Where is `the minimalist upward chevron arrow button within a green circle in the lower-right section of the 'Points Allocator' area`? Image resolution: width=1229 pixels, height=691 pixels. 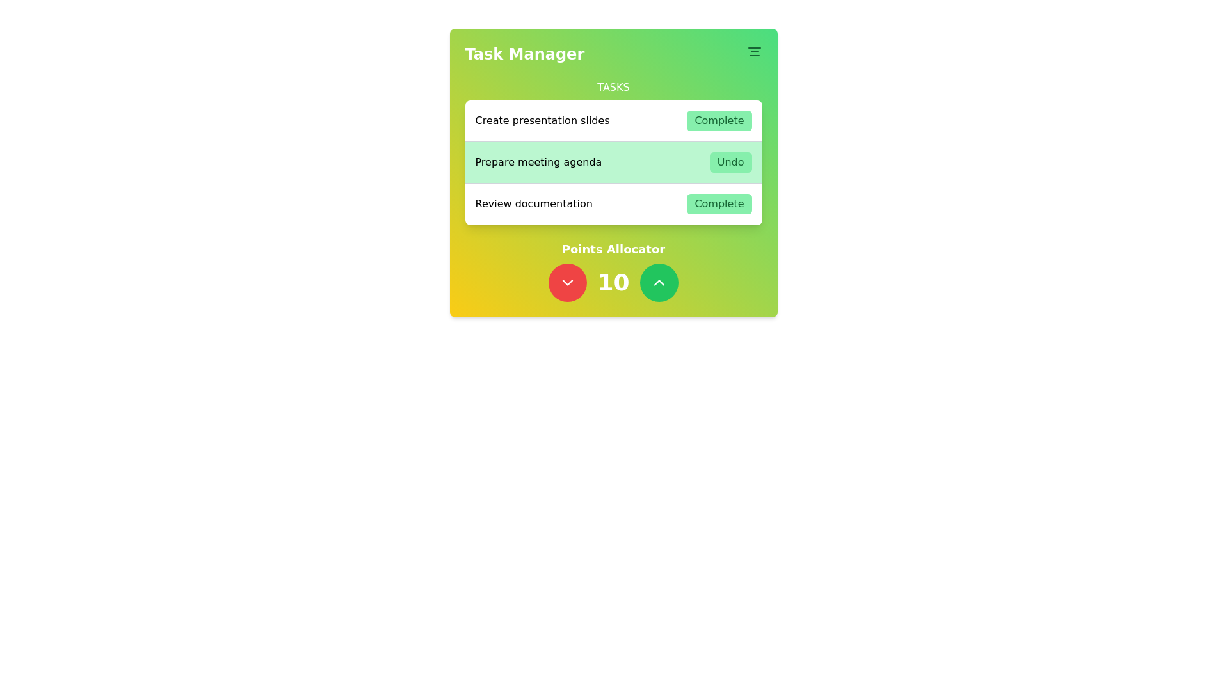
the minimalist upward chevron arrow button within a green circle in the lower-right section of the 'Points Allocator' area is located at coordinates (659, 282).